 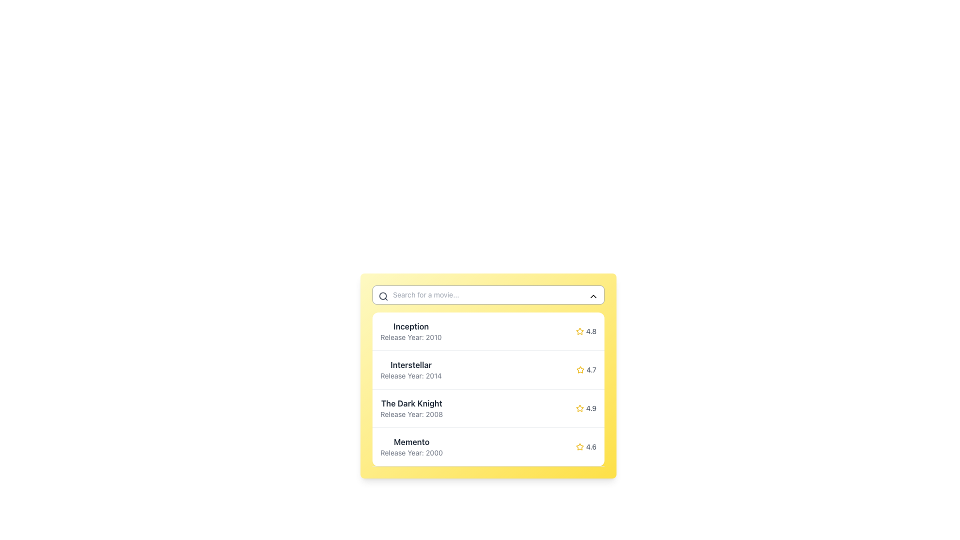 I want to click on the Rating display component for the movie 'Memento', which features a yellow star icon and the rating text '4.6', so click(x=586, y=446).